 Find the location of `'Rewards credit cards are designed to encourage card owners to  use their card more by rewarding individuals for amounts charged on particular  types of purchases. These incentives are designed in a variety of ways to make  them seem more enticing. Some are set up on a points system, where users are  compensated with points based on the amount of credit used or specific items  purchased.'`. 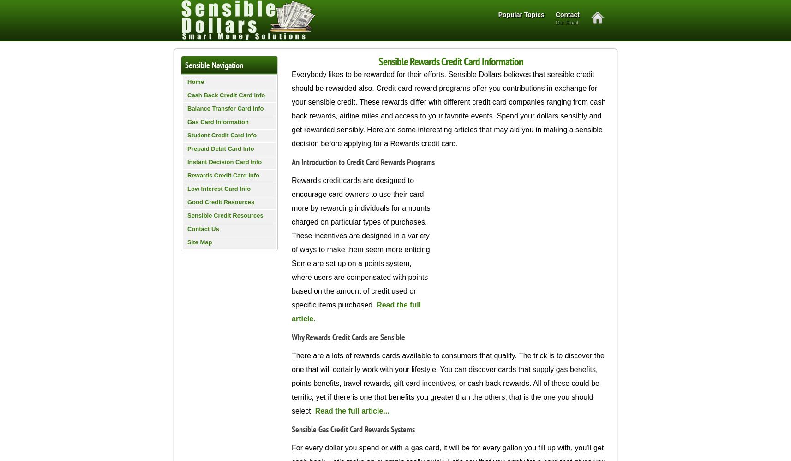

'Rewards credit cards are designed to encourage card owners to  use their card more by rewarding individuals for amounts charged on particular  types of purchases. These incentives are designed in a variety of ways to make  them seem more enticing. Some are set up on a points system, where users are  compensated with points based on the amount of credit used or specific items  purchased.' is located at coordinates (361, 242).